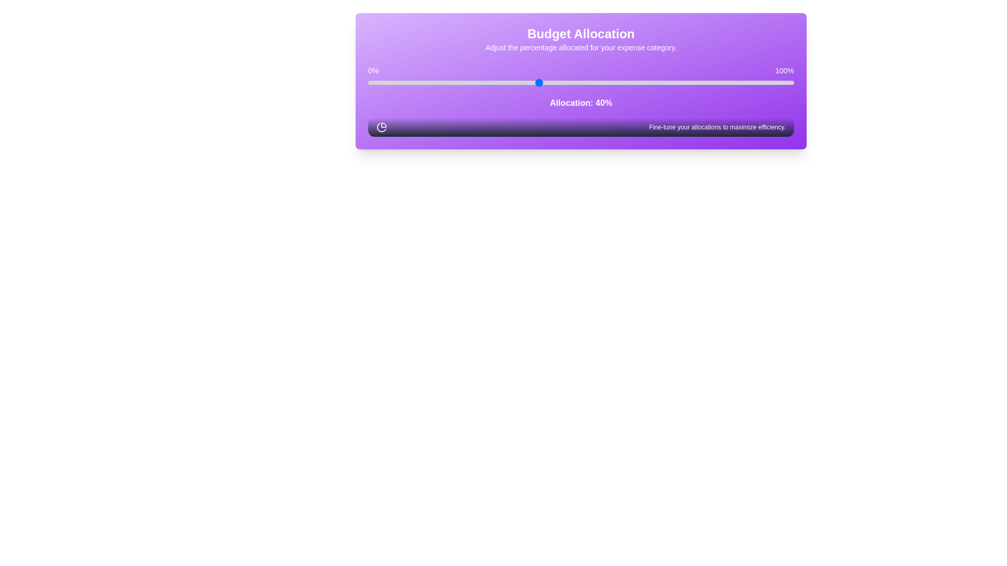  I want to click on the Slider component labeled 'Allocation: 40%' within the 'Budget Allocation' purple panel, so click(581, 86).